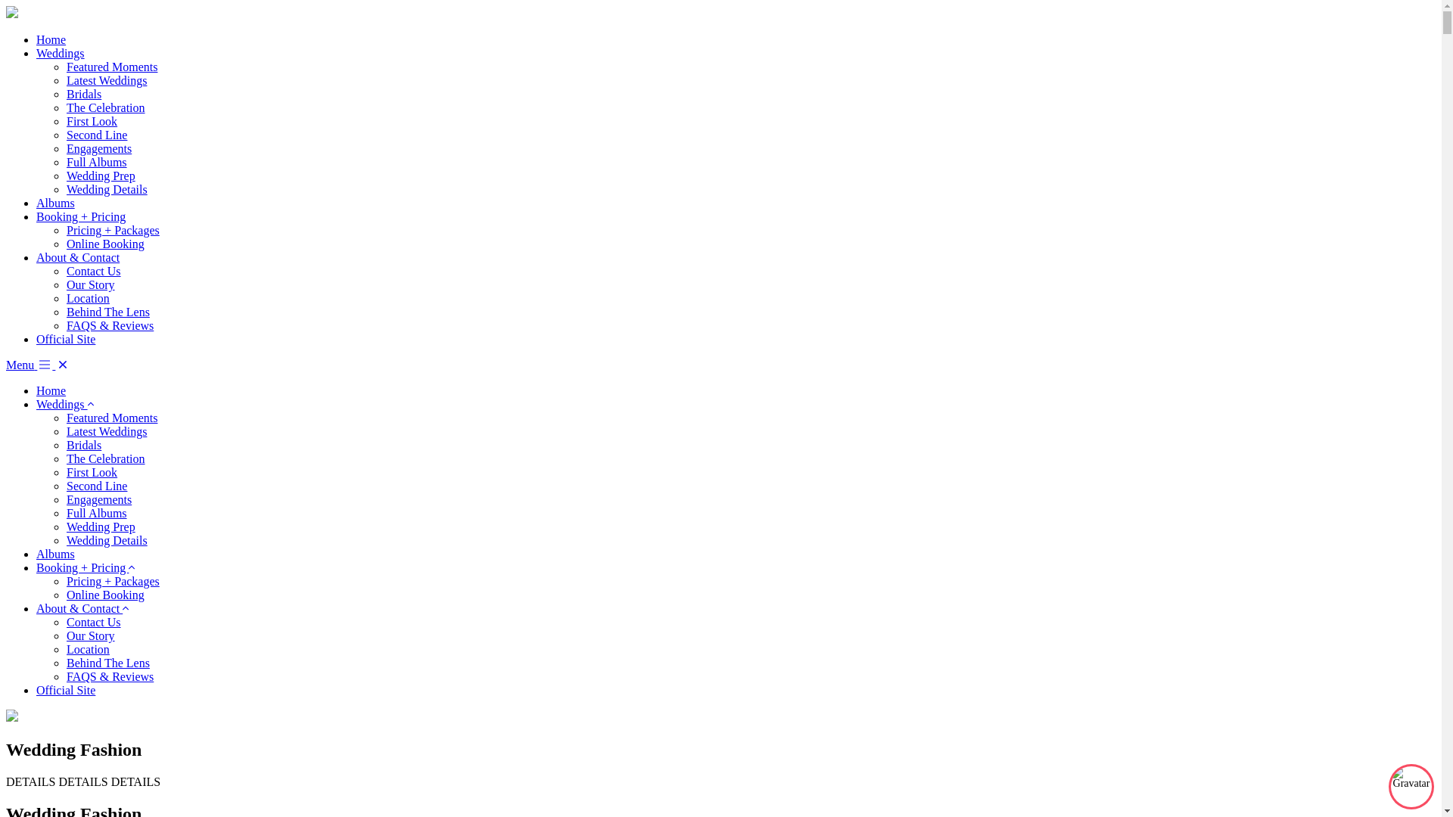 The image size is (1453, 817). I want to click on 'Full Albums', so click(96, 162).